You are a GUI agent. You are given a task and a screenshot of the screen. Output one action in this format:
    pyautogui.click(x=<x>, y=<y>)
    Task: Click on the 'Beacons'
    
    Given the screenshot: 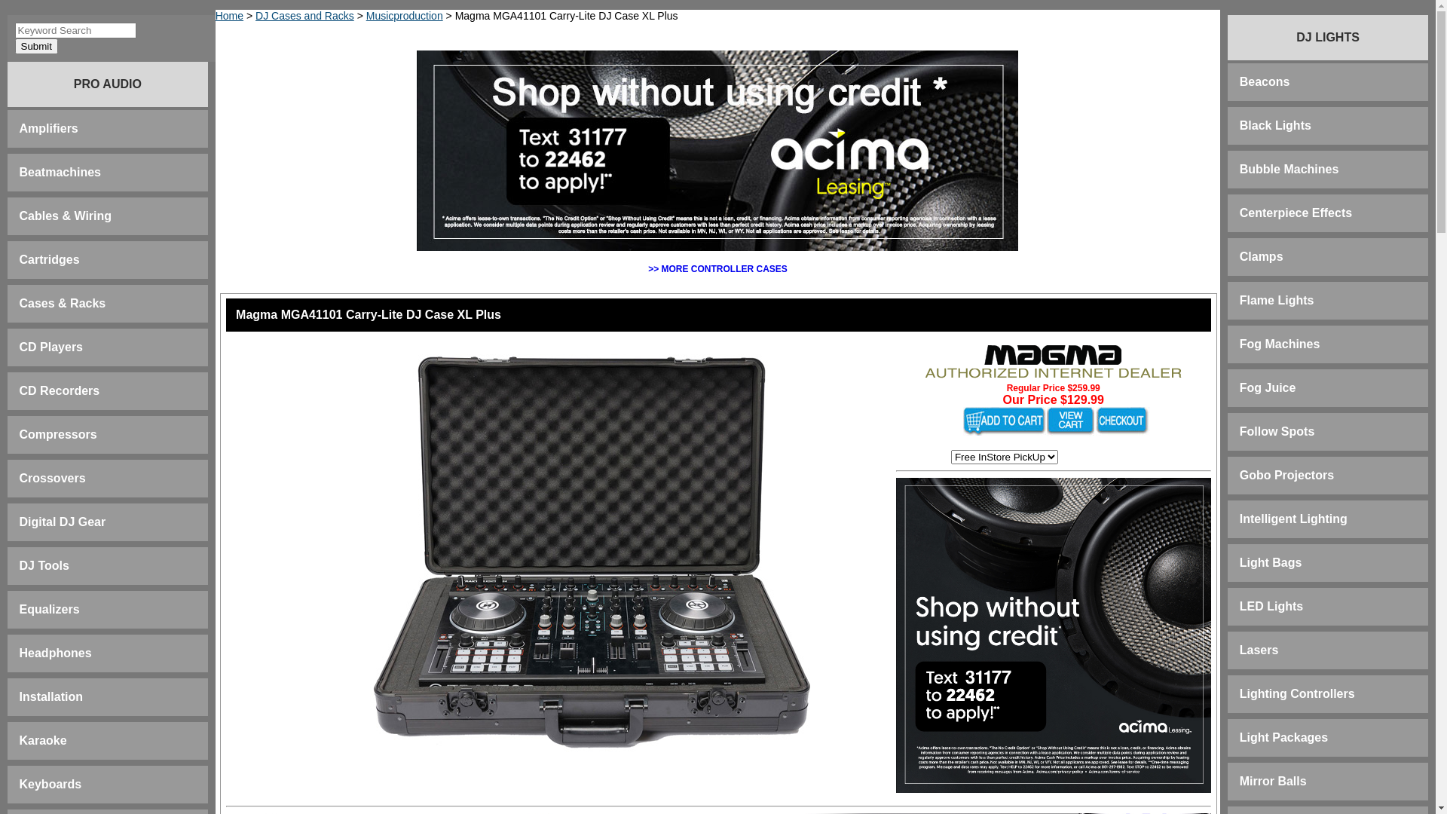 What is the action you would take?
    pyautogui.click(x=1265, y=81)
    